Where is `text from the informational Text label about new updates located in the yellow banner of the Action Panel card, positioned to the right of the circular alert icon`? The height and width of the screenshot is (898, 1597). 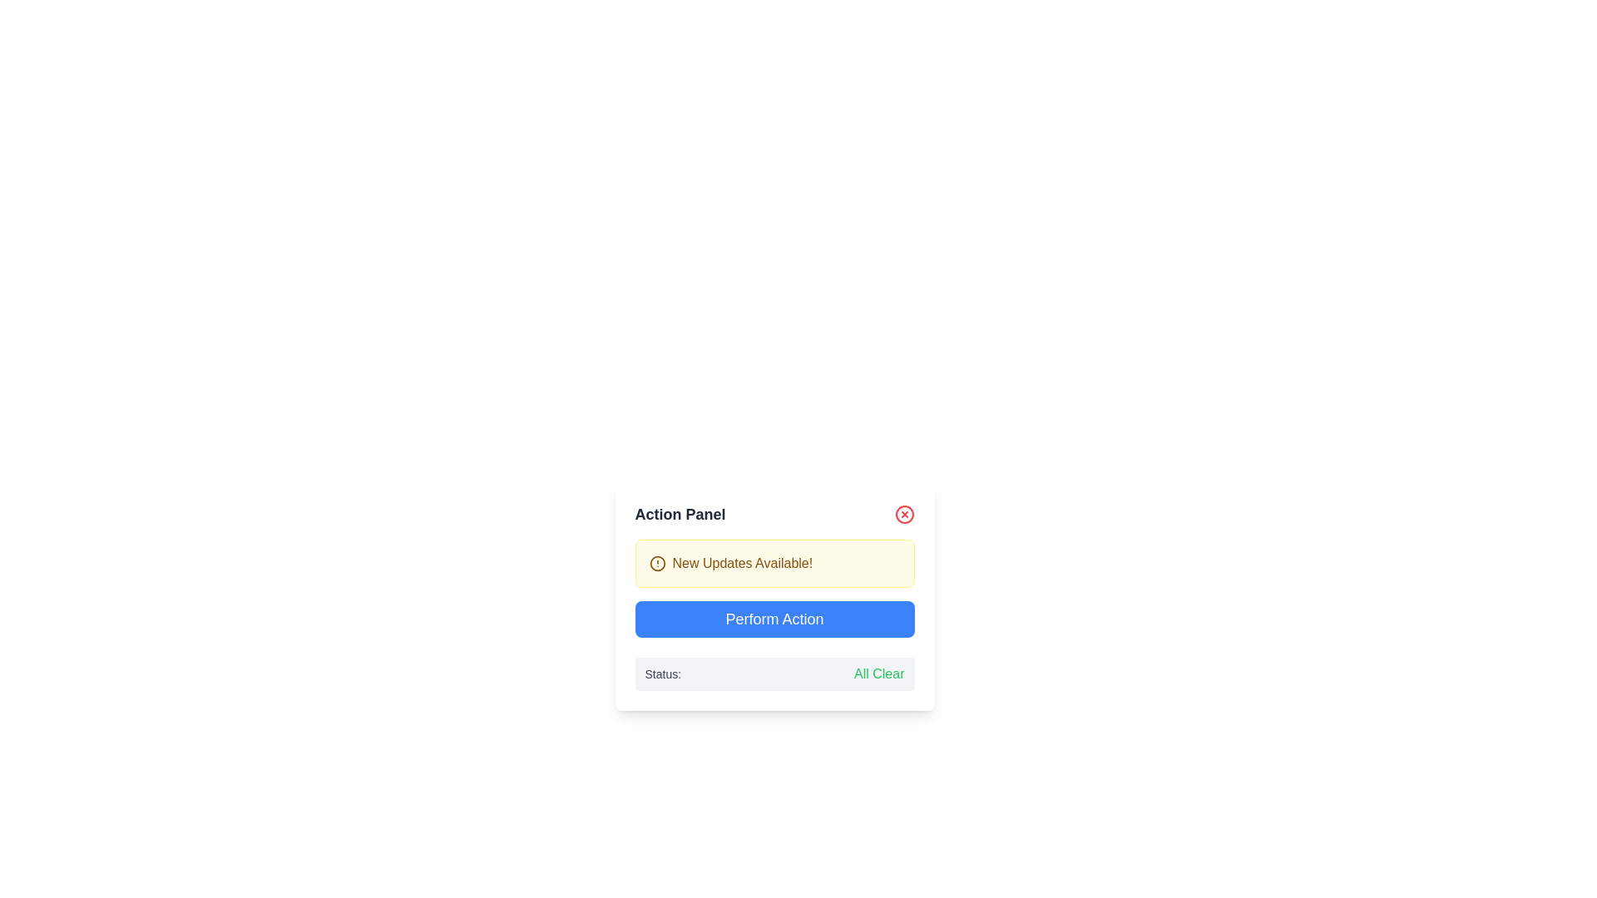
text from the informational Text label about new updates located in the yellow banner of the Action Panel card, positioned to the right of the circular alert icon is located at coordinates (741, 563).